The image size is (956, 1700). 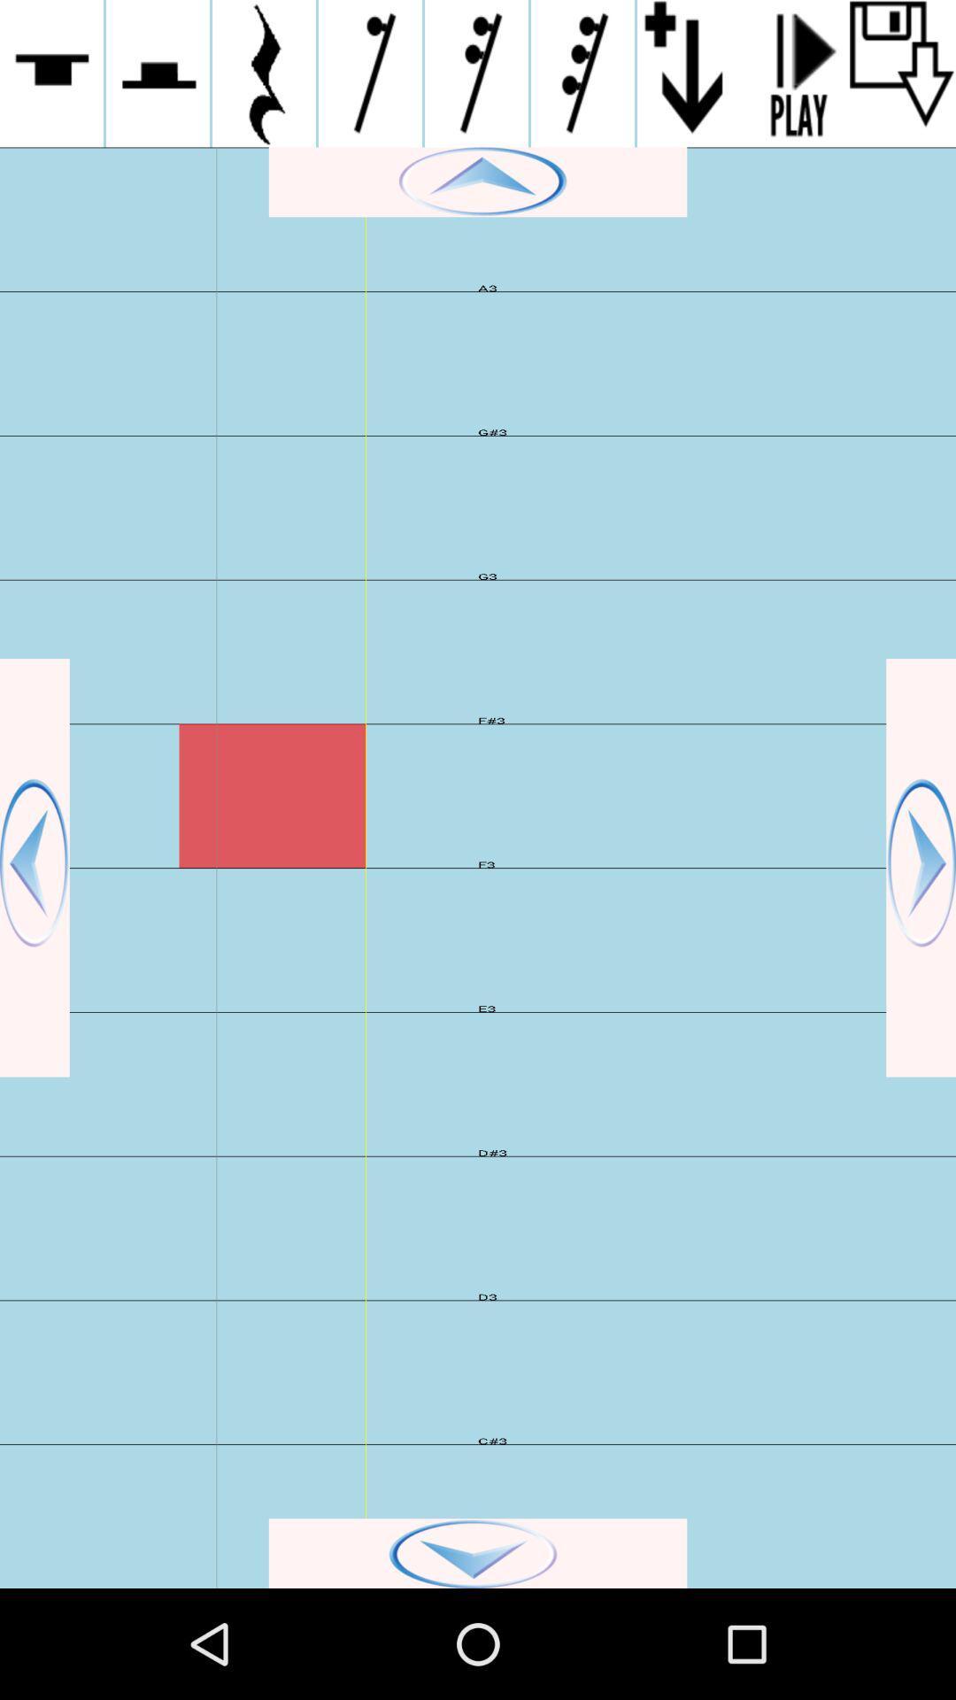 I want to click on rest, so click(x=157, y=73).